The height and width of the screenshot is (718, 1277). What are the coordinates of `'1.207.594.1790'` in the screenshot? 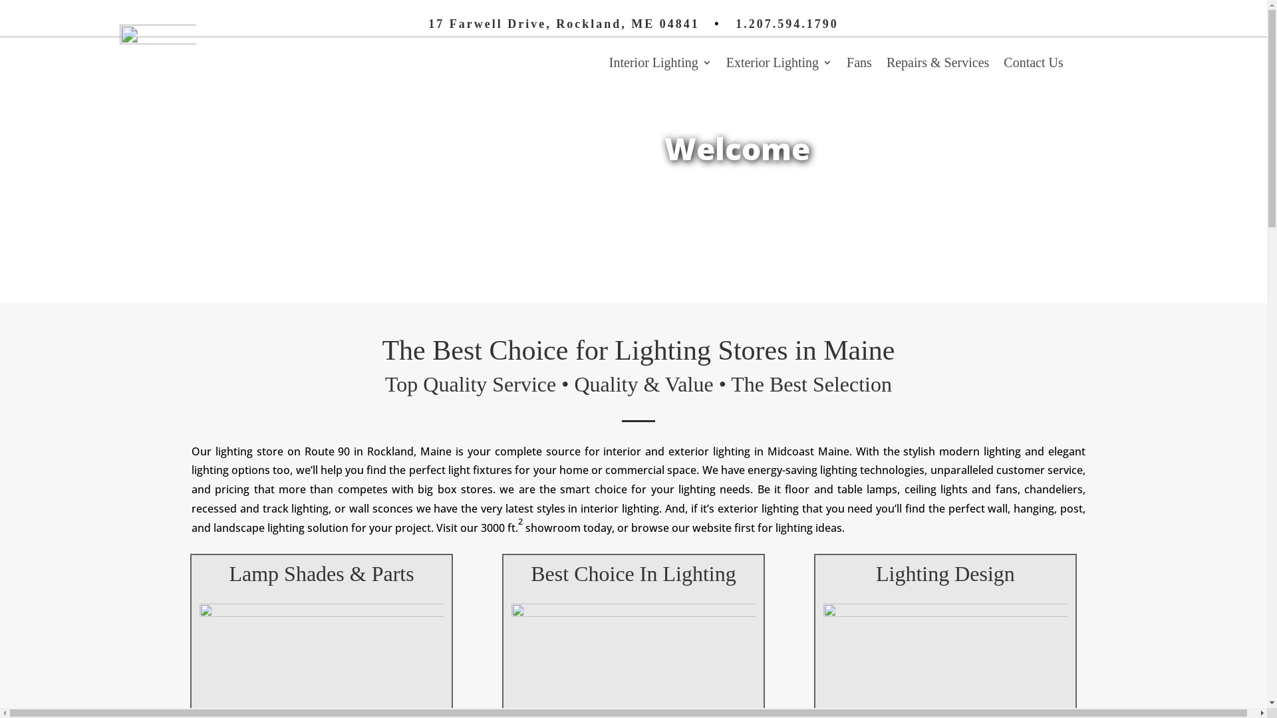 It's located at (787, 23).